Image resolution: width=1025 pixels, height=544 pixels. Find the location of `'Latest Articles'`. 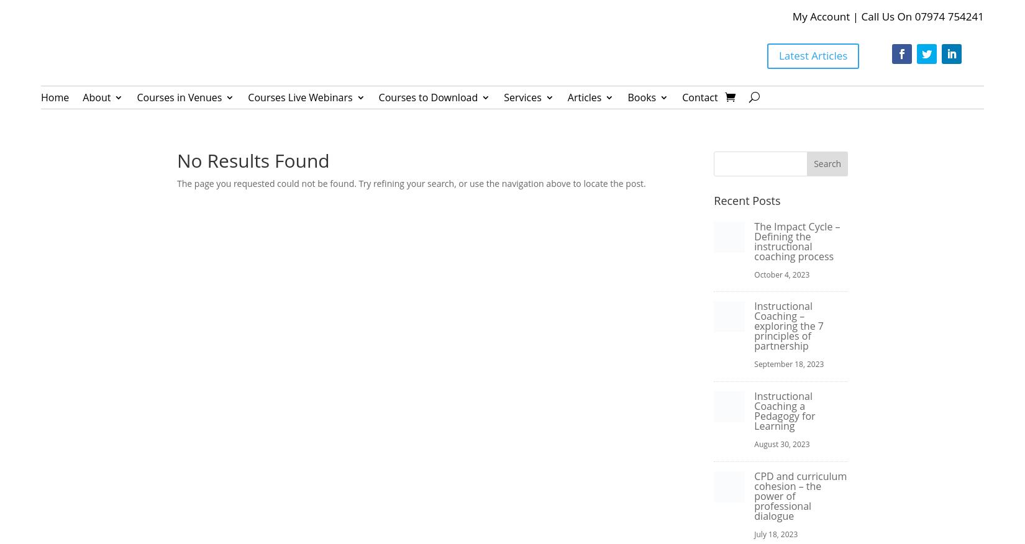

'Latest Articles' is located at coordinates (812, 55).